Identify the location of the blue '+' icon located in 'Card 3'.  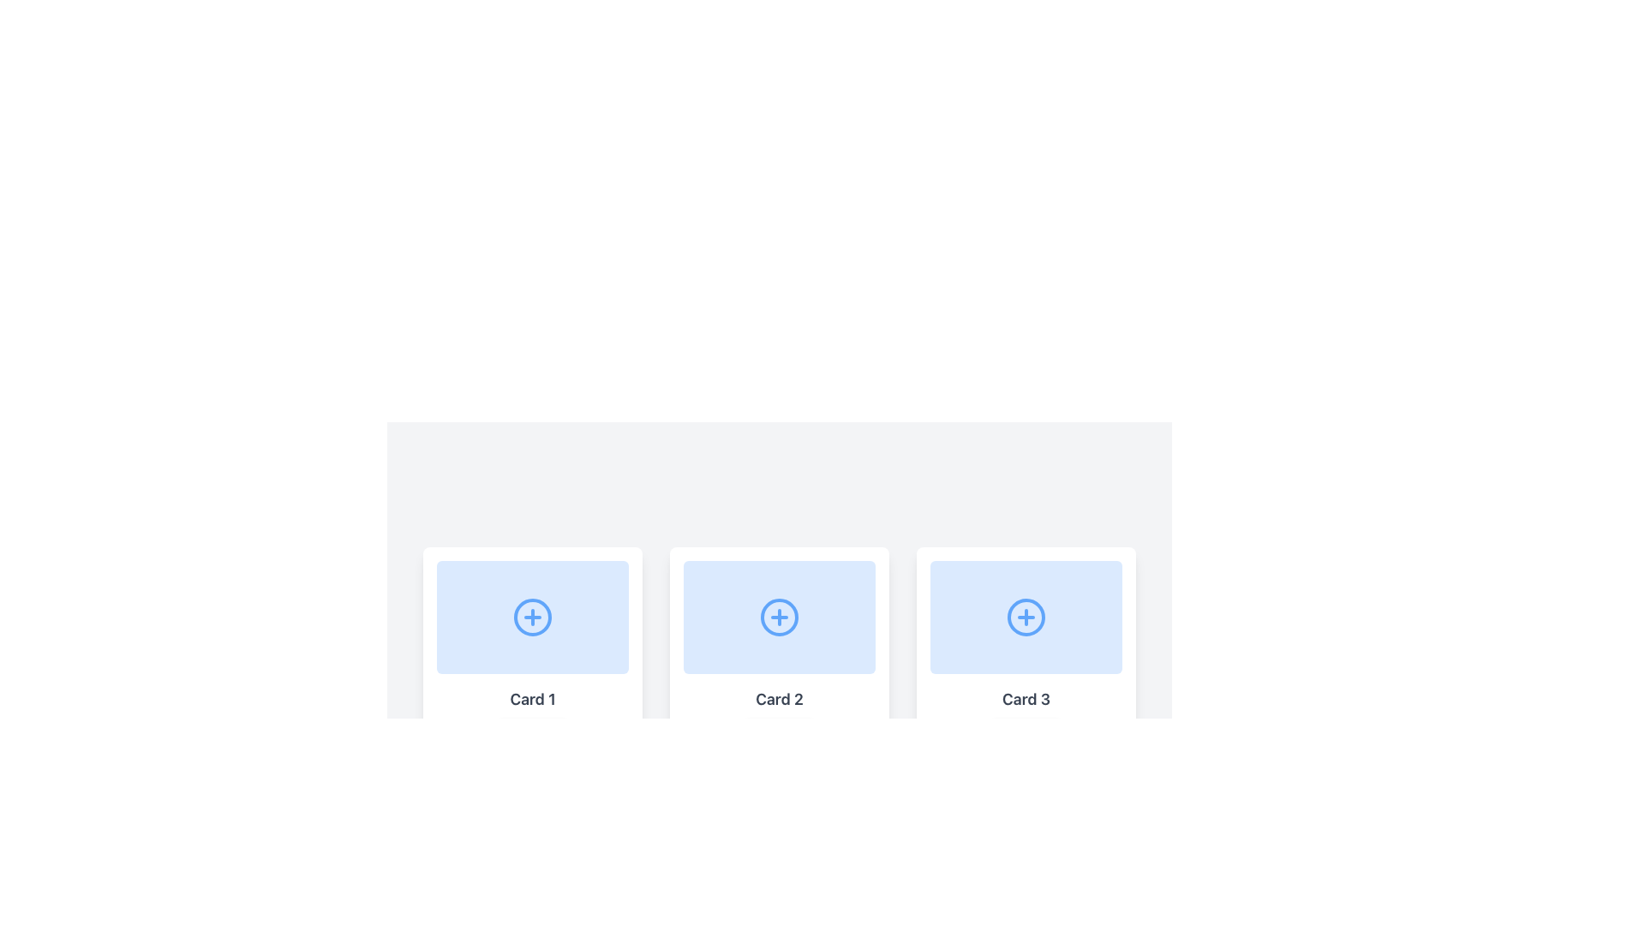
(1026, 618).